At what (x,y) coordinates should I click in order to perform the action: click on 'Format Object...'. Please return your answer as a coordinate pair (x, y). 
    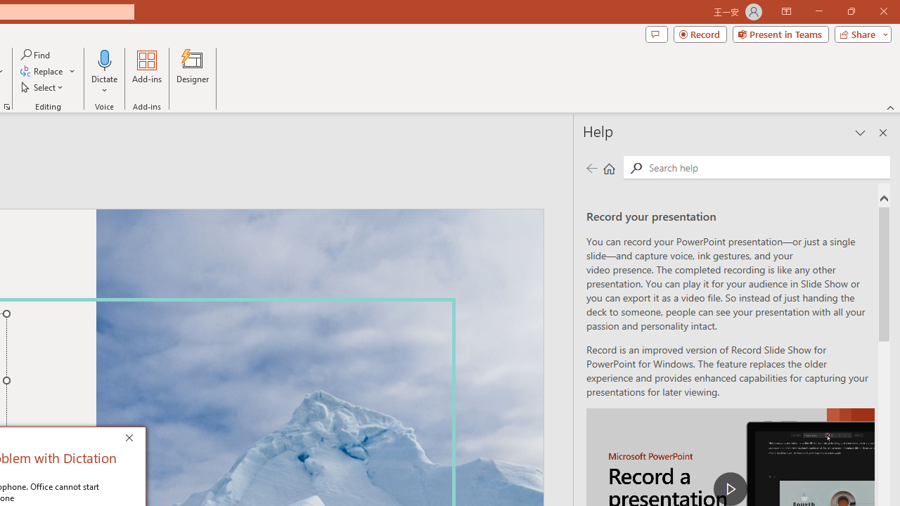
    Looking at the image, I should click on (7, 105).